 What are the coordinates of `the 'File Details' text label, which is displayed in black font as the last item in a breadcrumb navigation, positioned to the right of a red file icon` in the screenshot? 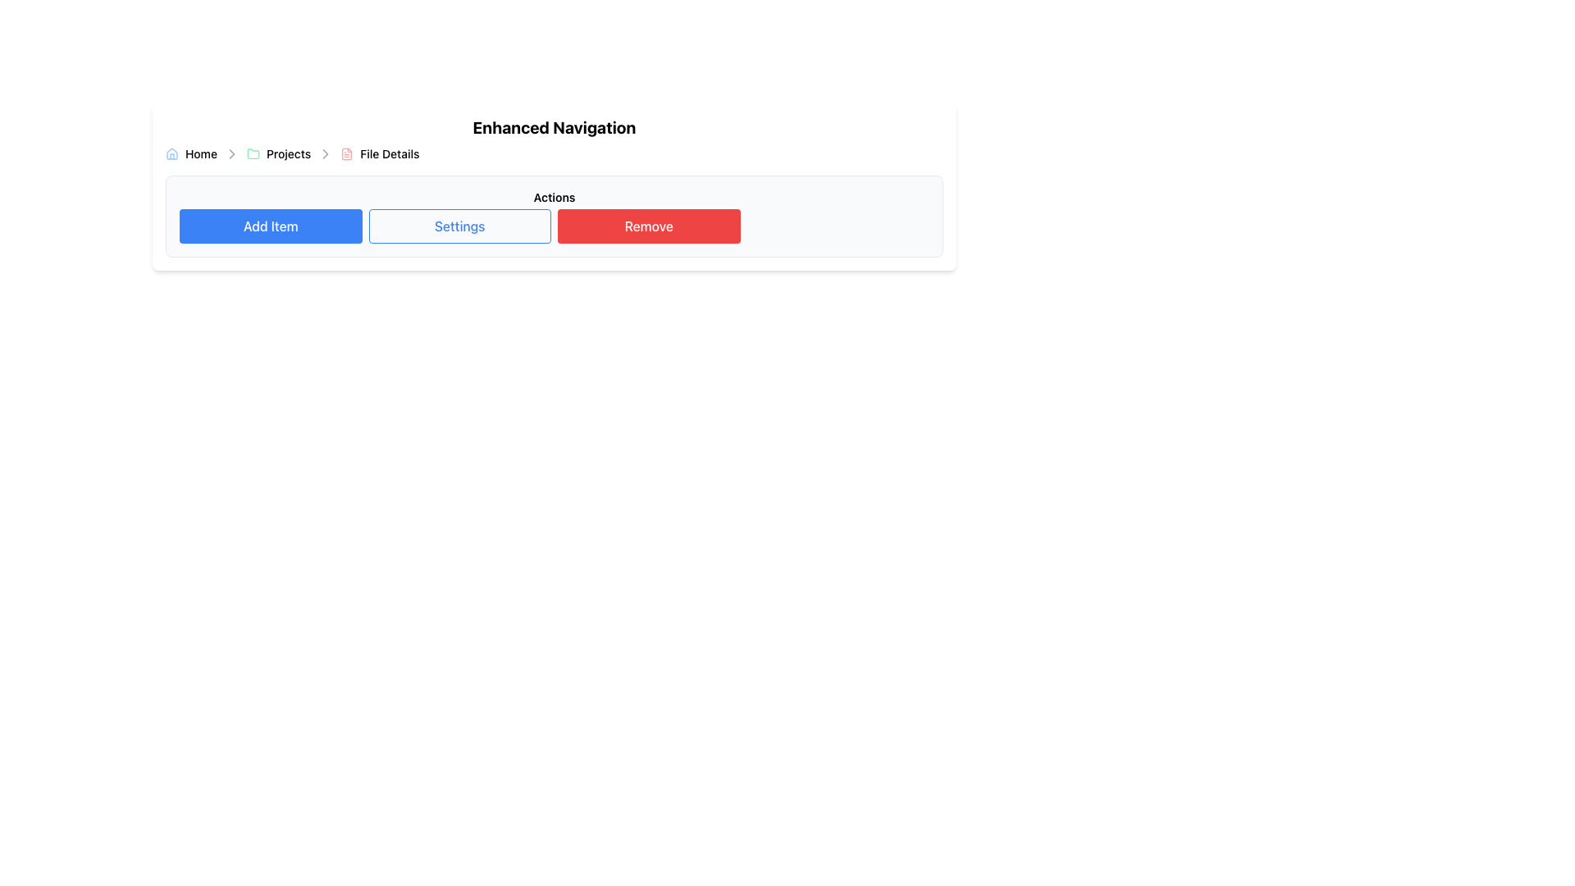 It's located at (389, 154).